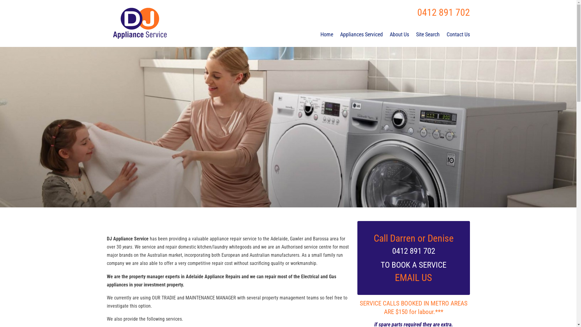 Image resolution: width=581 pixels, height=327 pixels. What do you see at coordinates (327, 35) in the screenshot?
I see `'Home'` at bounding box center [327, 35].